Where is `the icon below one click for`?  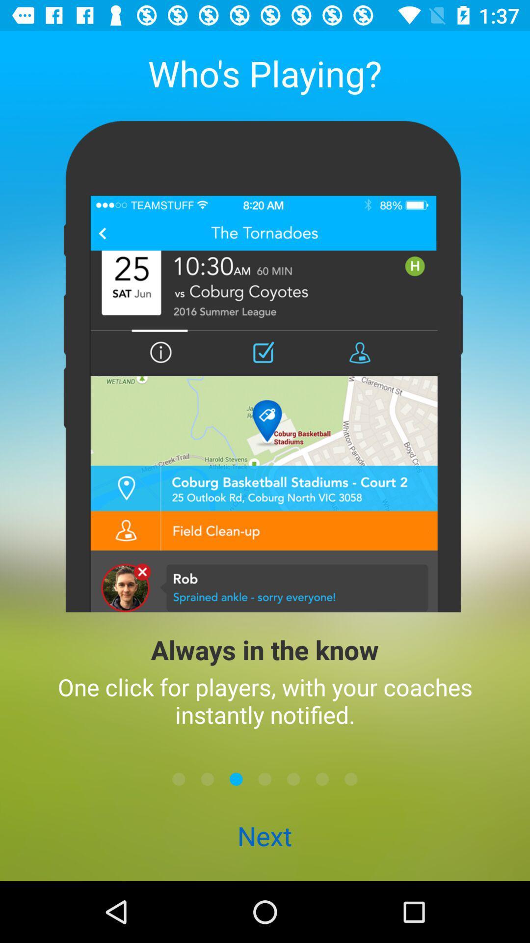 the icon below one click for is located at coordinates (207, 778).